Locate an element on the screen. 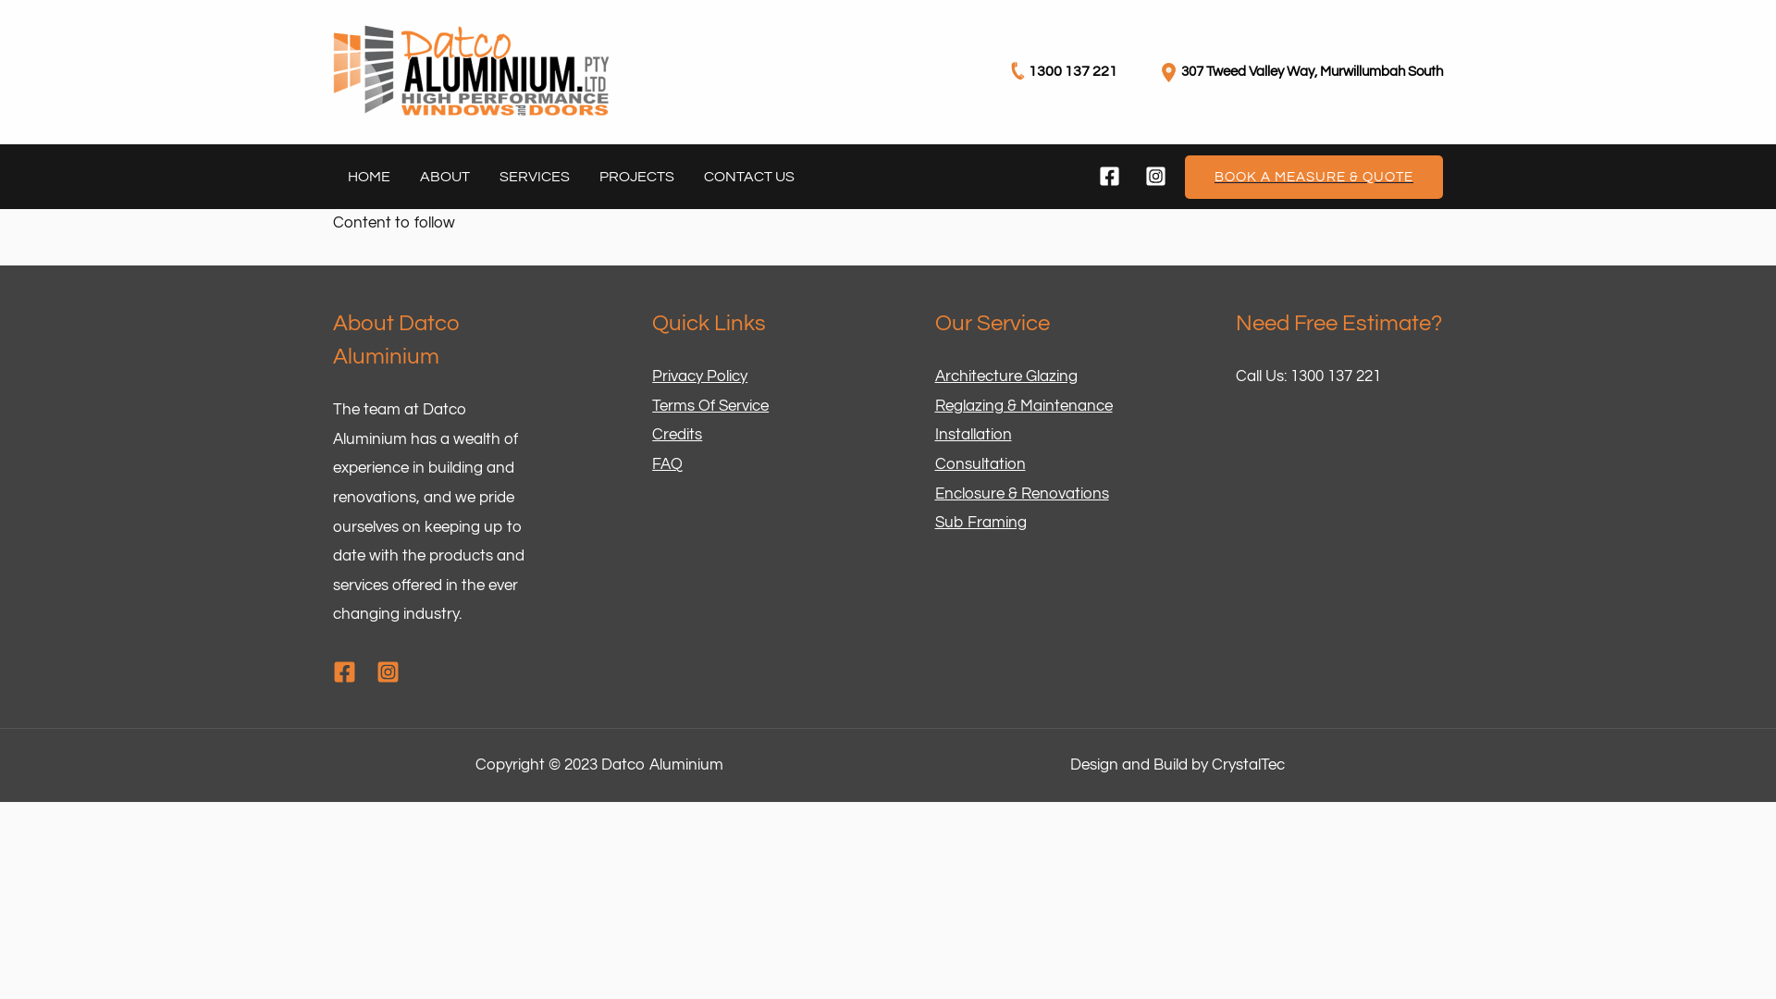  'ABOUT' is located at coordinates (444, 177).